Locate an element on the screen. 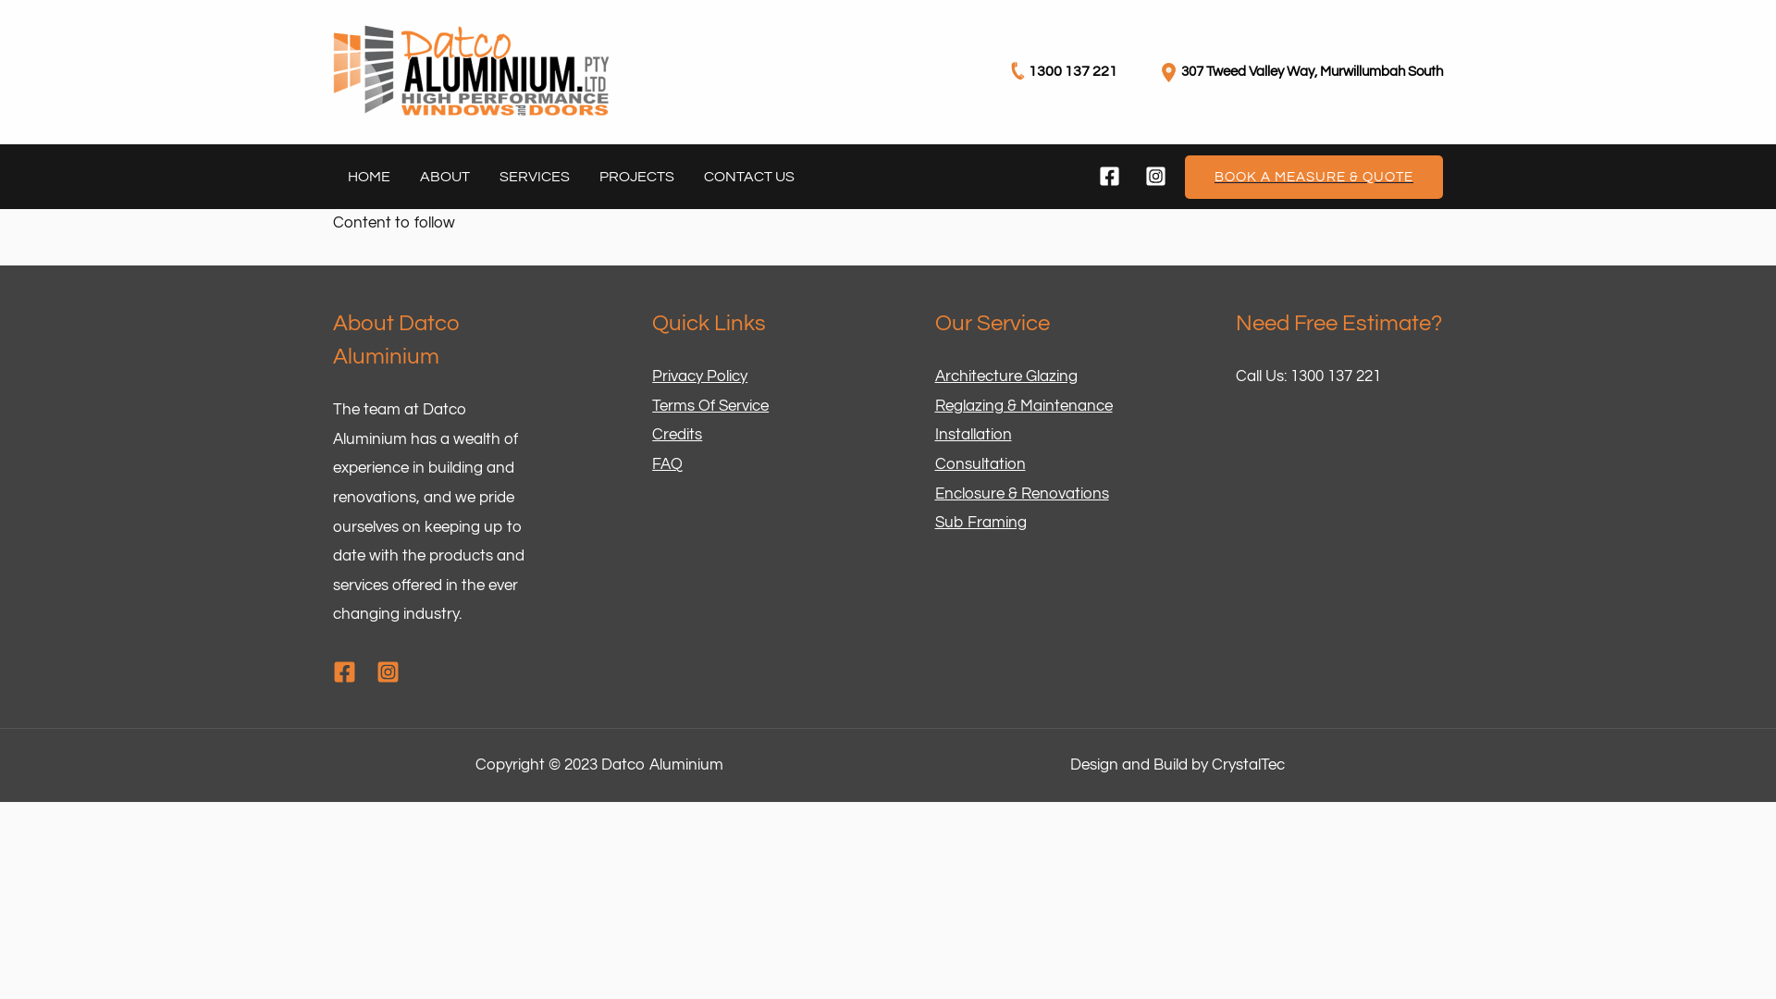  'ABOUT' is located at coordinates (444, 177).